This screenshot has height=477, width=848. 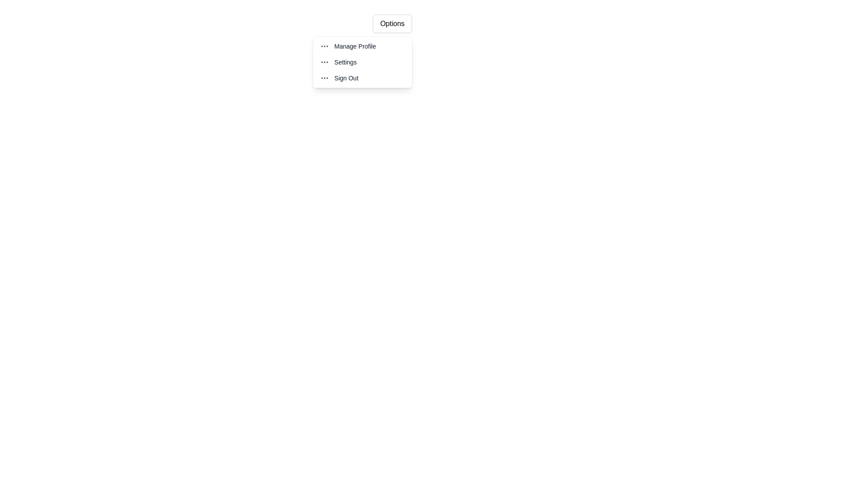 What do you see at coordinates (324, 62) in the screenshot?
I see `the ellipsis icon located to the left of the 'Settings' label` at bounding box center [324, 62].